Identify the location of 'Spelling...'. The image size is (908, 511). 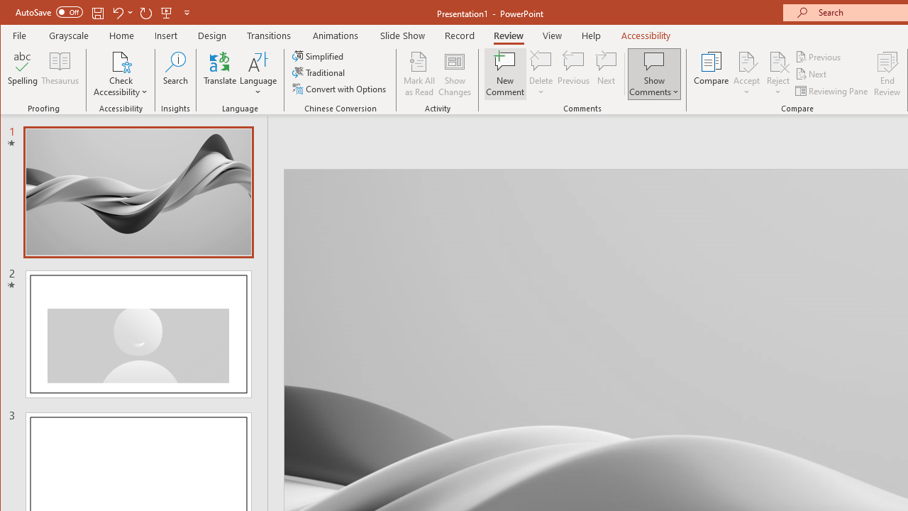
(23, 74).